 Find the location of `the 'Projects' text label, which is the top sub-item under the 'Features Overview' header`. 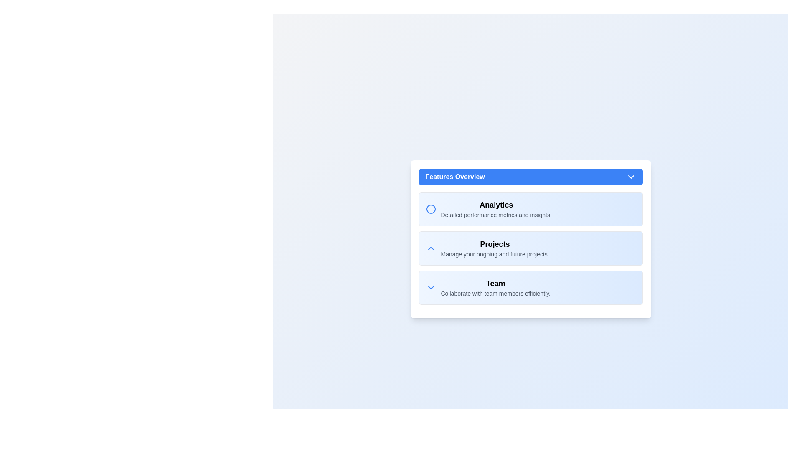

the 'Projects' text label, which is the top sub-item under the 'Features Overview' header is located at coordinates (495, 244).